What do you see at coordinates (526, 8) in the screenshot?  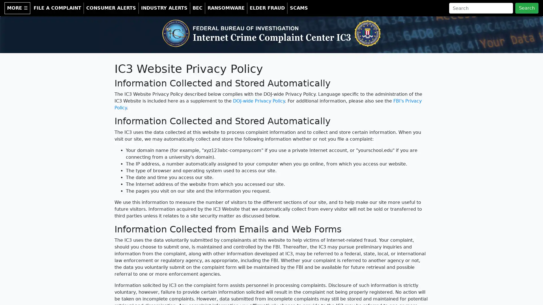 I see `Search` at bounding box center [526, 8].